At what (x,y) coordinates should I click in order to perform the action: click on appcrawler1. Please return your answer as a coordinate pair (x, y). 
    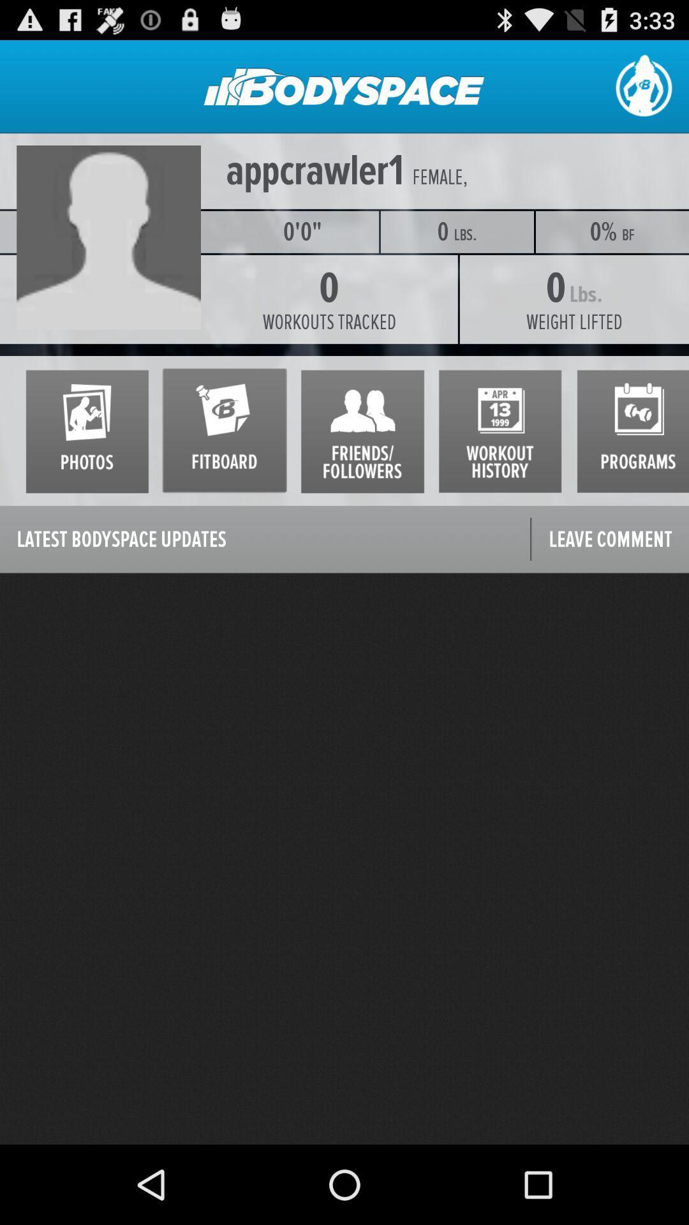
    Looking at the image, I should click on (315, 170).